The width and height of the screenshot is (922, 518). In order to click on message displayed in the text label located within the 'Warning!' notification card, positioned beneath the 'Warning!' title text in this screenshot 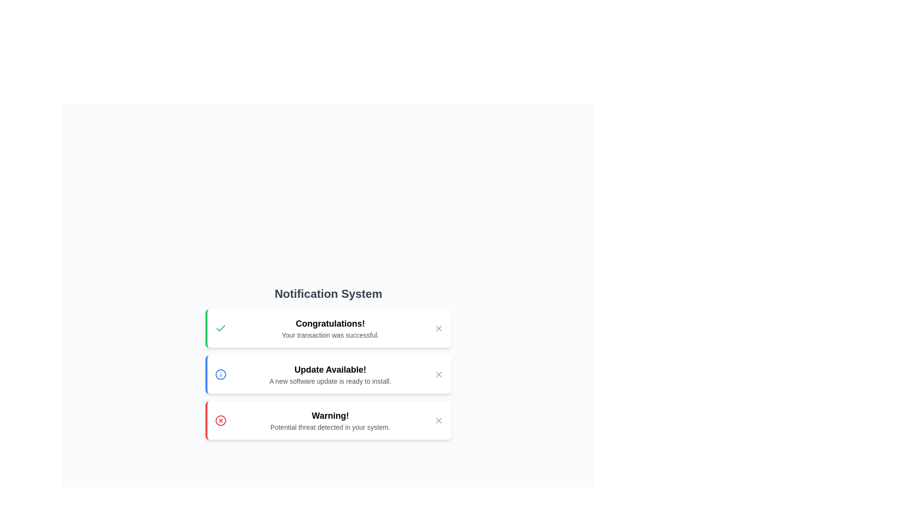, I will do `click(330, 427)`.